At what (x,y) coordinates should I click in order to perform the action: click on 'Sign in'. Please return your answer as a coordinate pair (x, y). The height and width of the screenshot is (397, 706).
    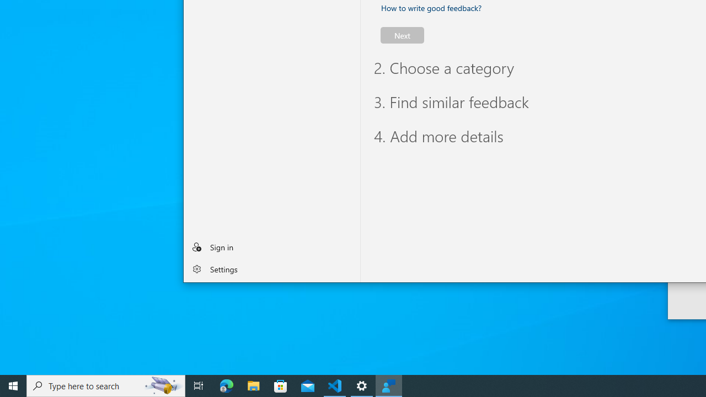
    Looking at the image, I should click on (271, 246).